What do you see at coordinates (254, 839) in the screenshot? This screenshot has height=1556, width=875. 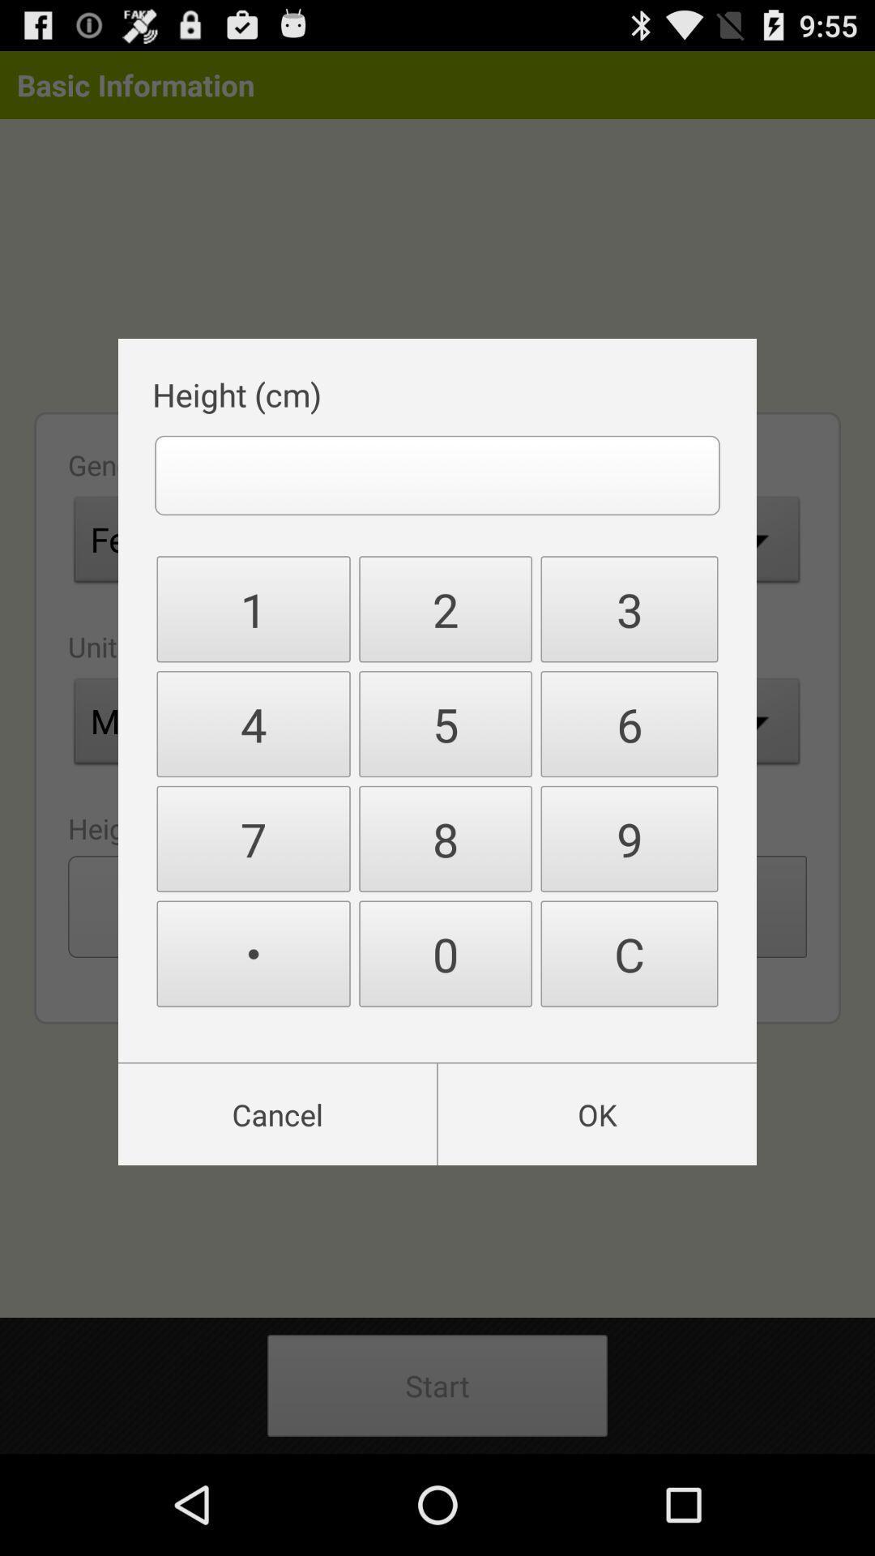 I see `item to the left of 5 icon` at bounding box center [254, 839].